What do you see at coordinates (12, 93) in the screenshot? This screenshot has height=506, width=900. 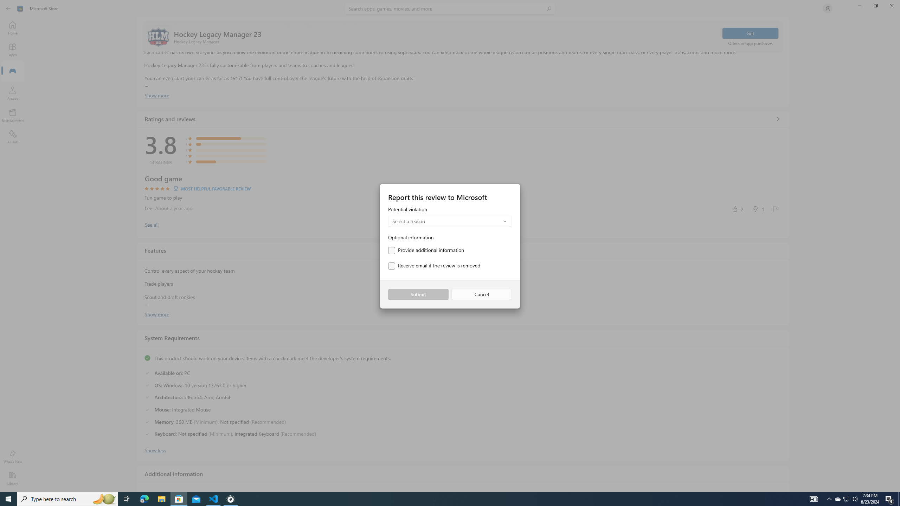 I see `'Arcade'` at bounding box center [12, 93].